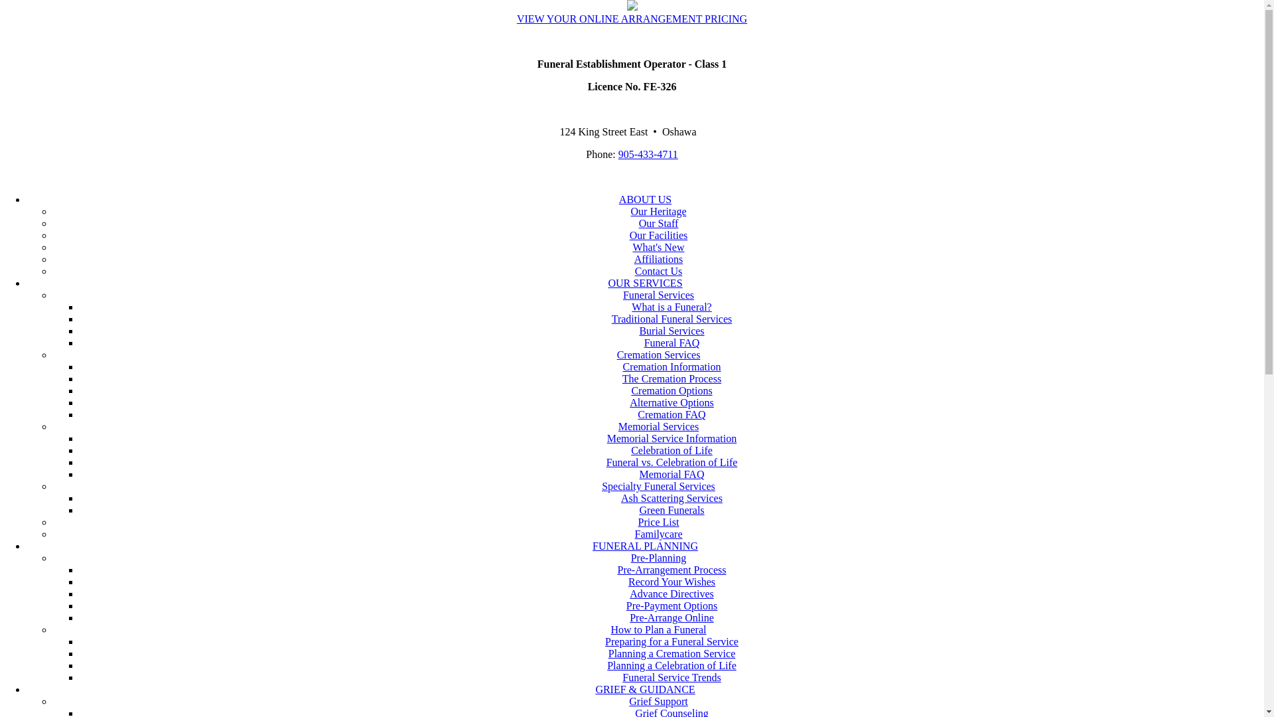 The image size is (1274, 717). I want to click on 'FUNERAL PLANNING', so click(645, 546).